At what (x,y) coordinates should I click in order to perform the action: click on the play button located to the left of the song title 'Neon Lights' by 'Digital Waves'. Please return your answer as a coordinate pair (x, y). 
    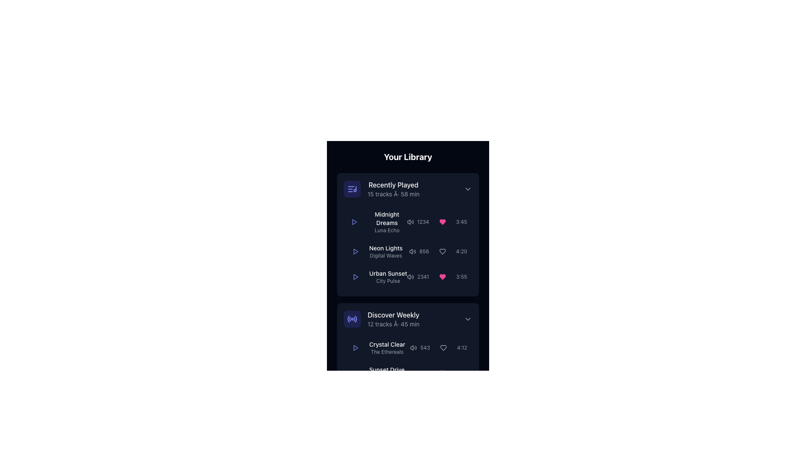
    Looking at the image, I should click on (355, 251).